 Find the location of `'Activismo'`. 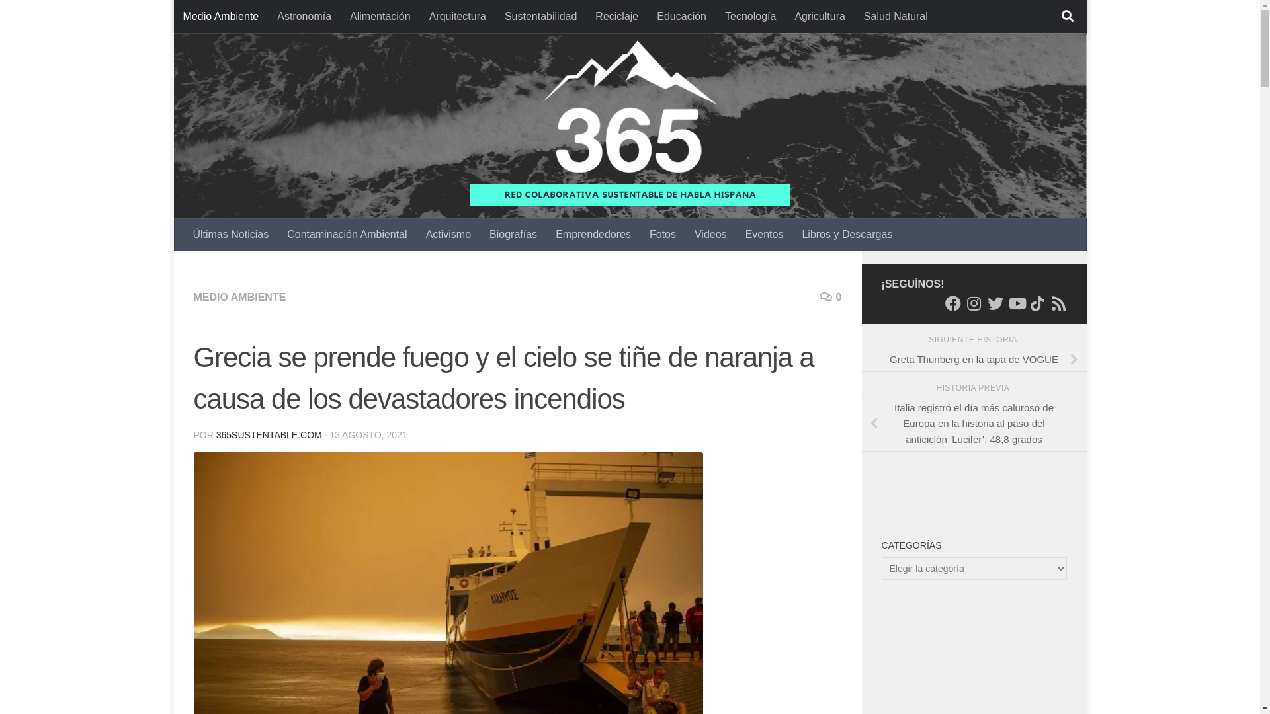

'Activismo' is located at coordinates (415, 233).